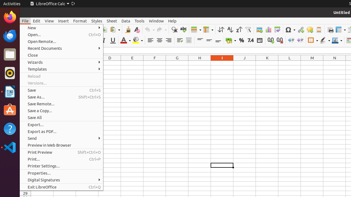 This screenshot has width=351, height=197. I want to click on 'Sort', so click(221, 30).